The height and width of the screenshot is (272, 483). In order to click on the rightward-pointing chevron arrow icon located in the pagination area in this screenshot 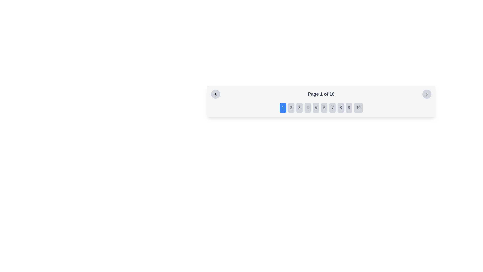, I will do `click(426, 94)`.